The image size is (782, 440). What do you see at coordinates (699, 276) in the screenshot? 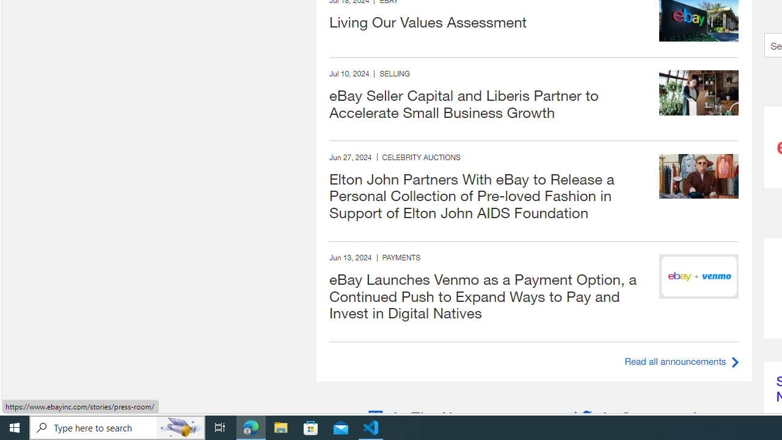
I see `'240612 eBay inc hero'` at bounding box center [699, 276].